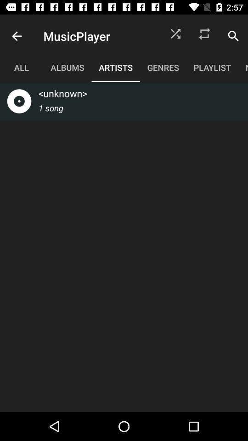  Describe the element at coordinates (175, 36) in the screenshot. I see `item next to musicplayer icon` at that location.